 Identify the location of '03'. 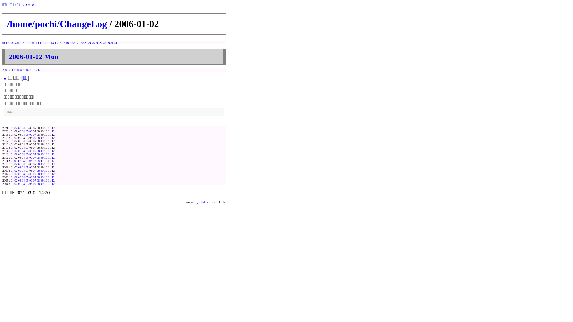
(20, 180).